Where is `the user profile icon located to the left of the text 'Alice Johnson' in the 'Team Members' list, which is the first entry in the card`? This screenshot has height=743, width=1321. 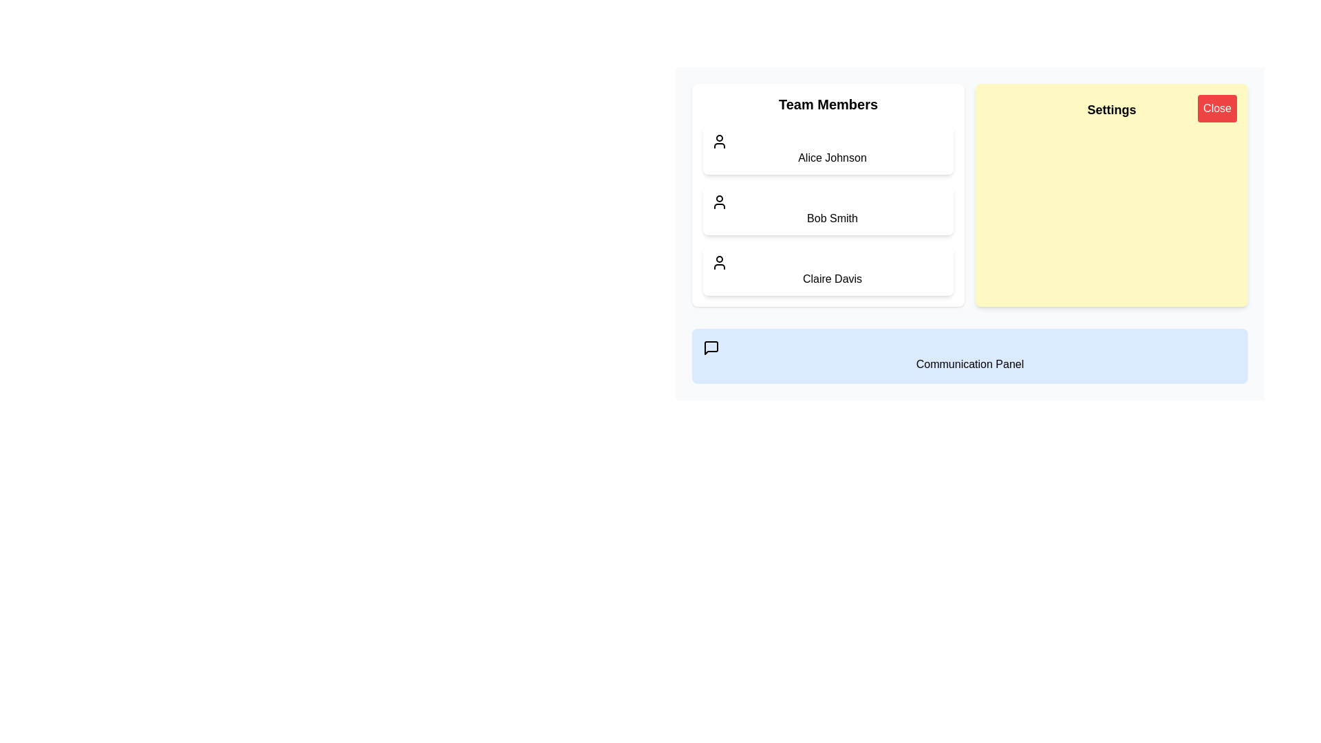
the user profile icon located to the left of the text 'Alice Johnson' in the 'Team Members' list, which is the first entry in the card is located at coordinates (719, 141).